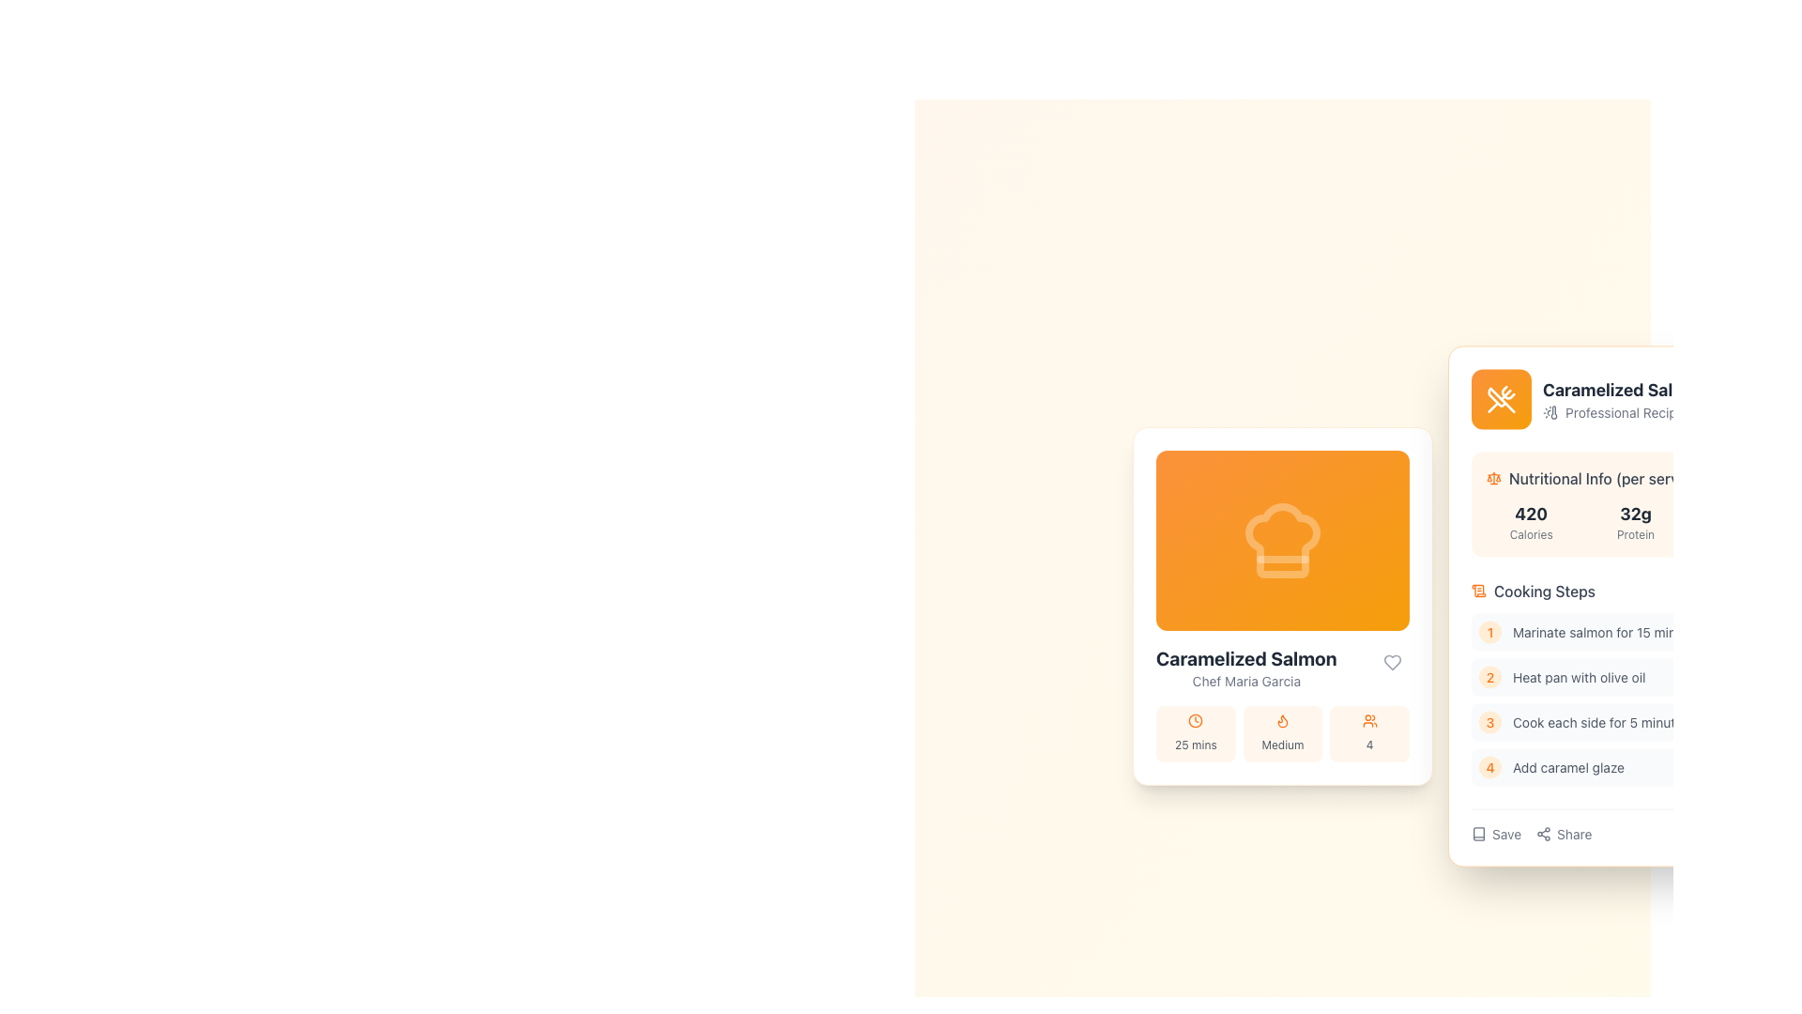 Image resolution: width=1802 pixels, height=1014 pixels. I want to click on the text displayed in the Text Display with Icon located in the top section of the rightmost card, directly below the orange, gradient-filled icon with crossed utensils, so click(1625, 398).